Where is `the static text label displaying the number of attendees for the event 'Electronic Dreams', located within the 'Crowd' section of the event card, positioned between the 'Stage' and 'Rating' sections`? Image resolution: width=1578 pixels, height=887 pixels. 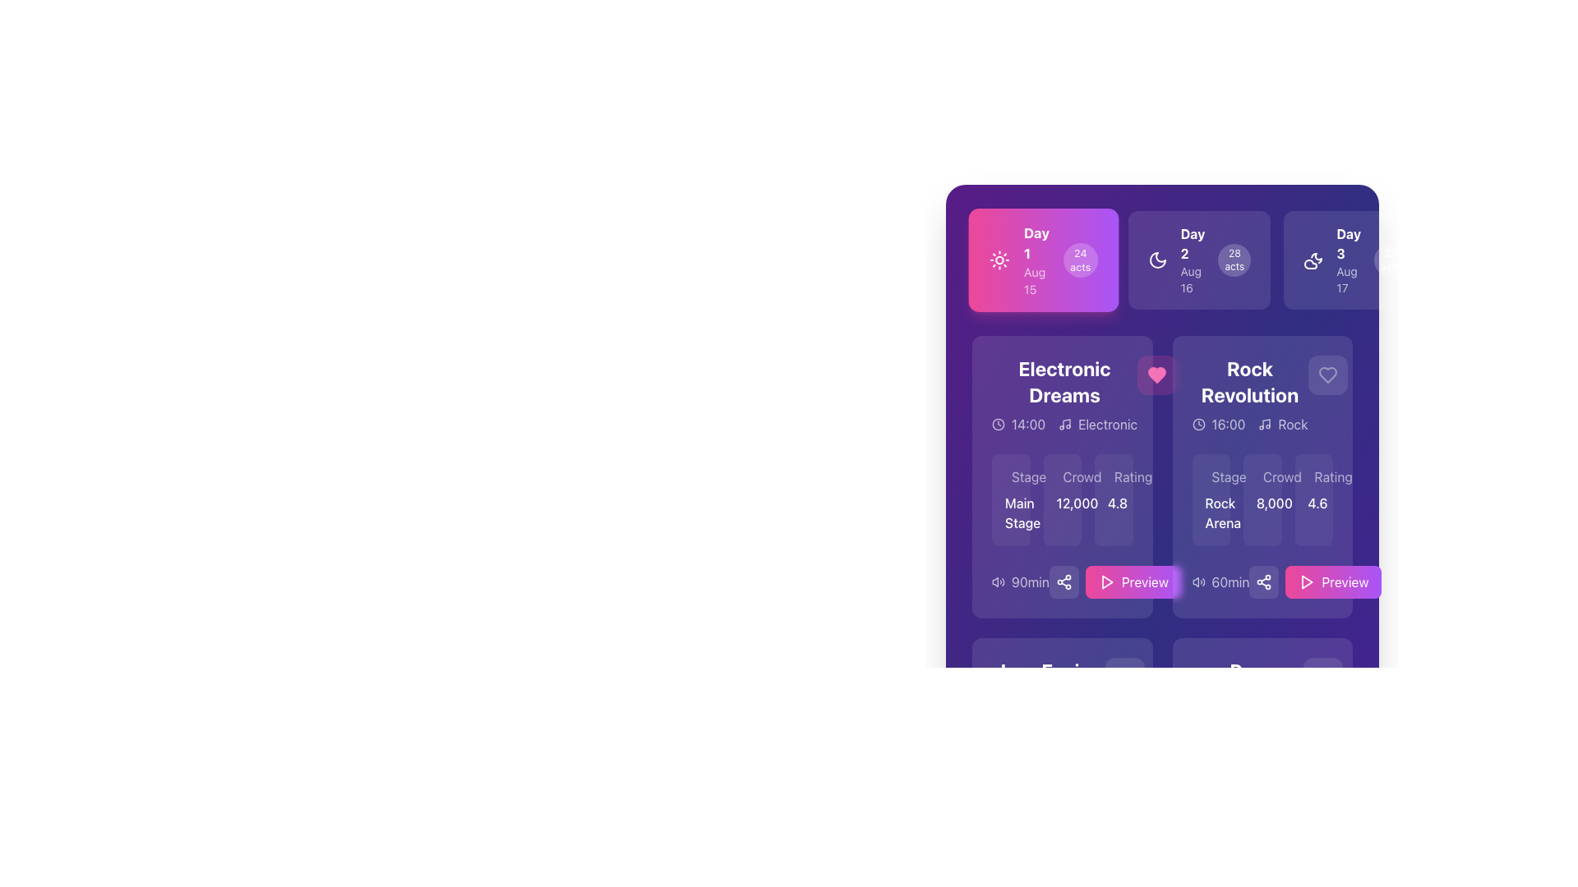 the static text label displaying the number of attendees for the event 'Electronic Dreams', located within the 'Crowd' section of the event card, positioned between the 'Stage' and 'Rating' sections is located at coordinates (1062, 503).